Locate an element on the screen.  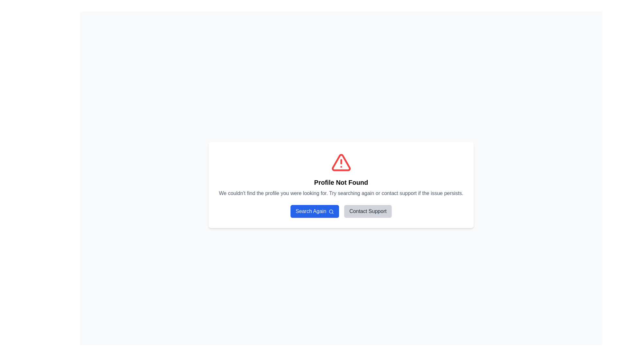
the blue button labeled 'Search Again' with a search icon on the right, located under the 'Profile Not Found' message box and to the left of the 'Contact Support' button is located at coordinates (315, 211).